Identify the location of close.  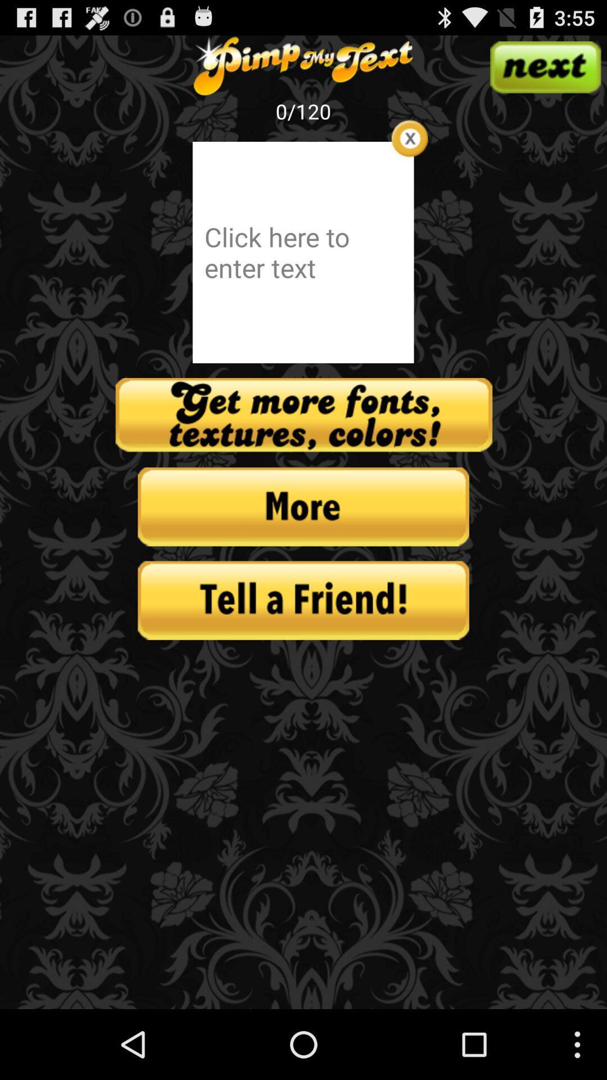
(410, 138).